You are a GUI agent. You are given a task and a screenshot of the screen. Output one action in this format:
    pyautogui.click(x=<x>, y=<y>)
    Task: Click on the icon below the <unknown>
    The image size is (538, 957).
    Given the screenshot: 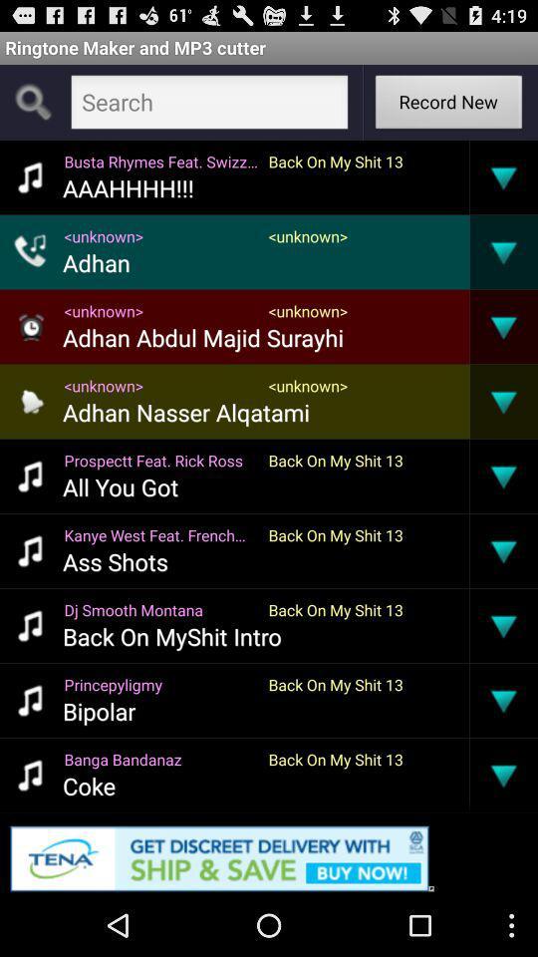 What is the action you would take?
    pyautogui.click(x=202, y=337)
    